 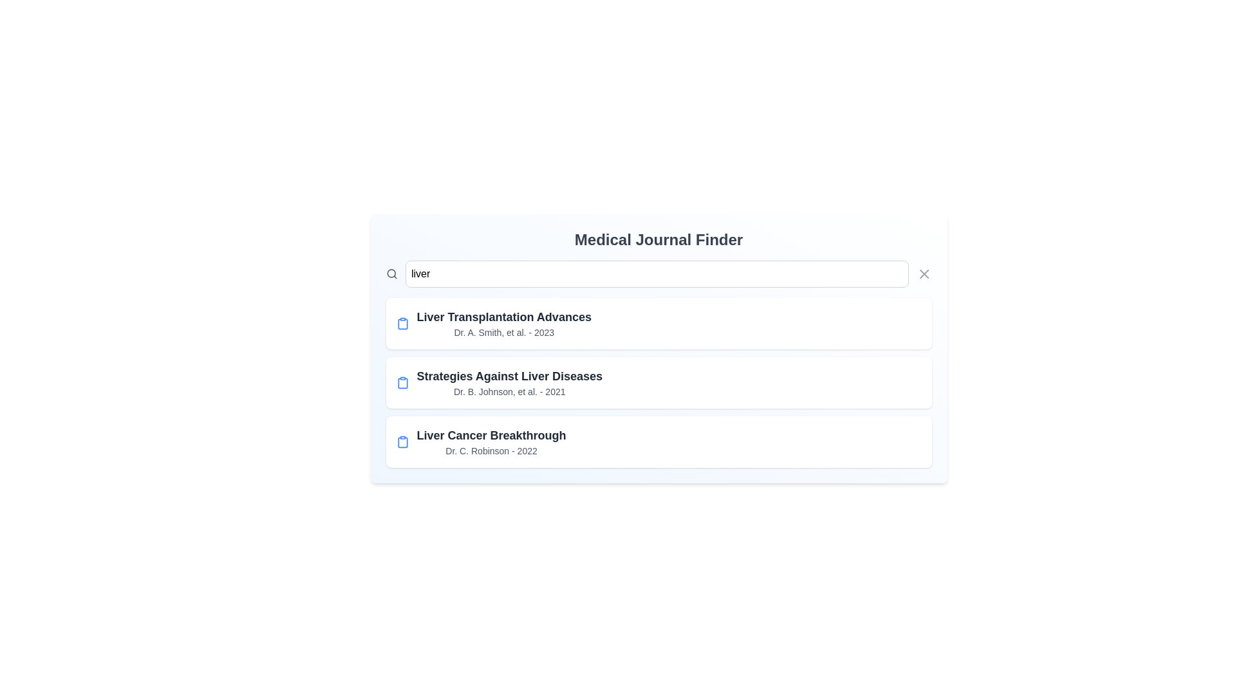 What do you see at coordinates (503, 322) in the screenshot?
I see `the text display element titled 'Liver Transplantation Advances', which includes the authorship 'Dr. A. Smith, et al. - 2023'` at bounding box center [503, 322].